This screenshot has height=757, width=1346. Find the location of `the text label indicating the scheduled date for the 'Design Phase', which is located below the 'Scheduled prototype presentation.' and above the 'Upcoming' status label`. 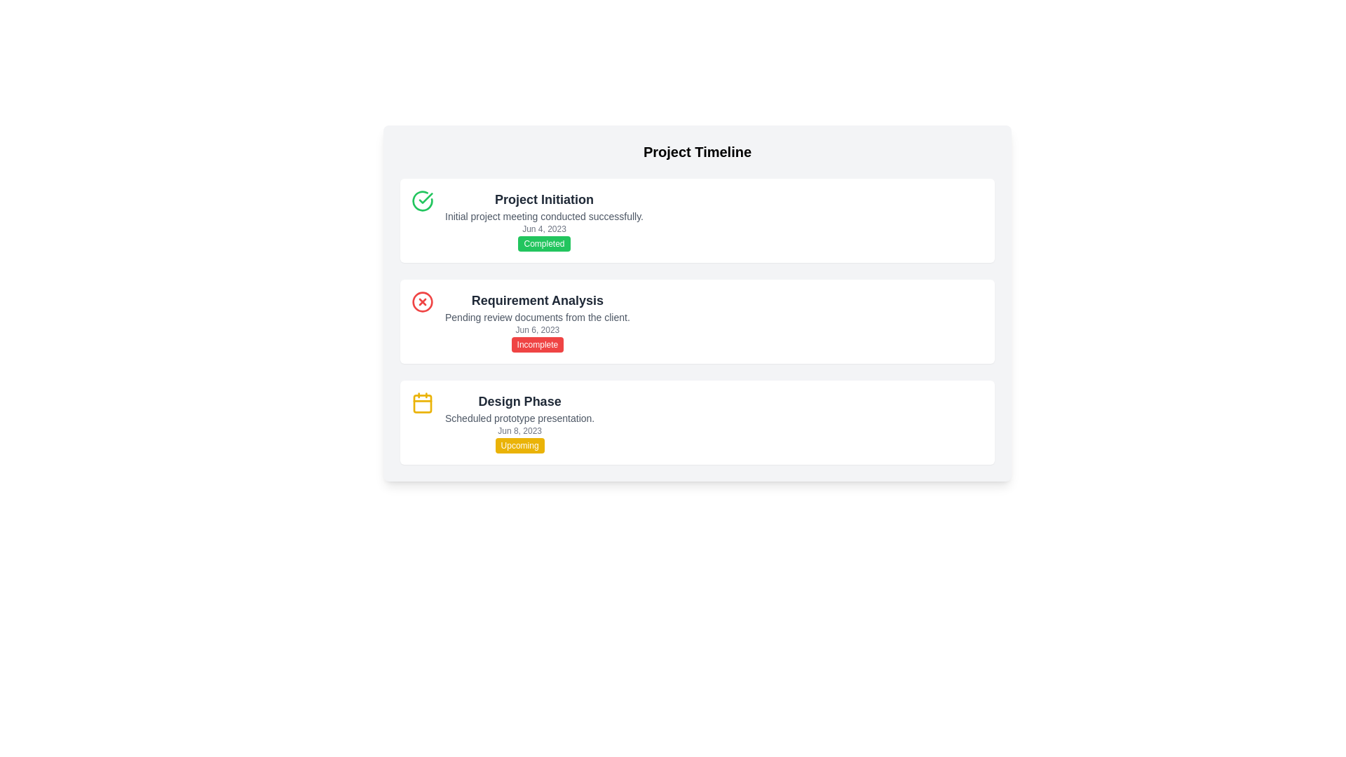

the text label indicating the scheduled date for the 'Design Phase', which is located below the 'Scheduled prototype presentation.' and above the 'Upcoming' status label is located at coordinates (519, 430).